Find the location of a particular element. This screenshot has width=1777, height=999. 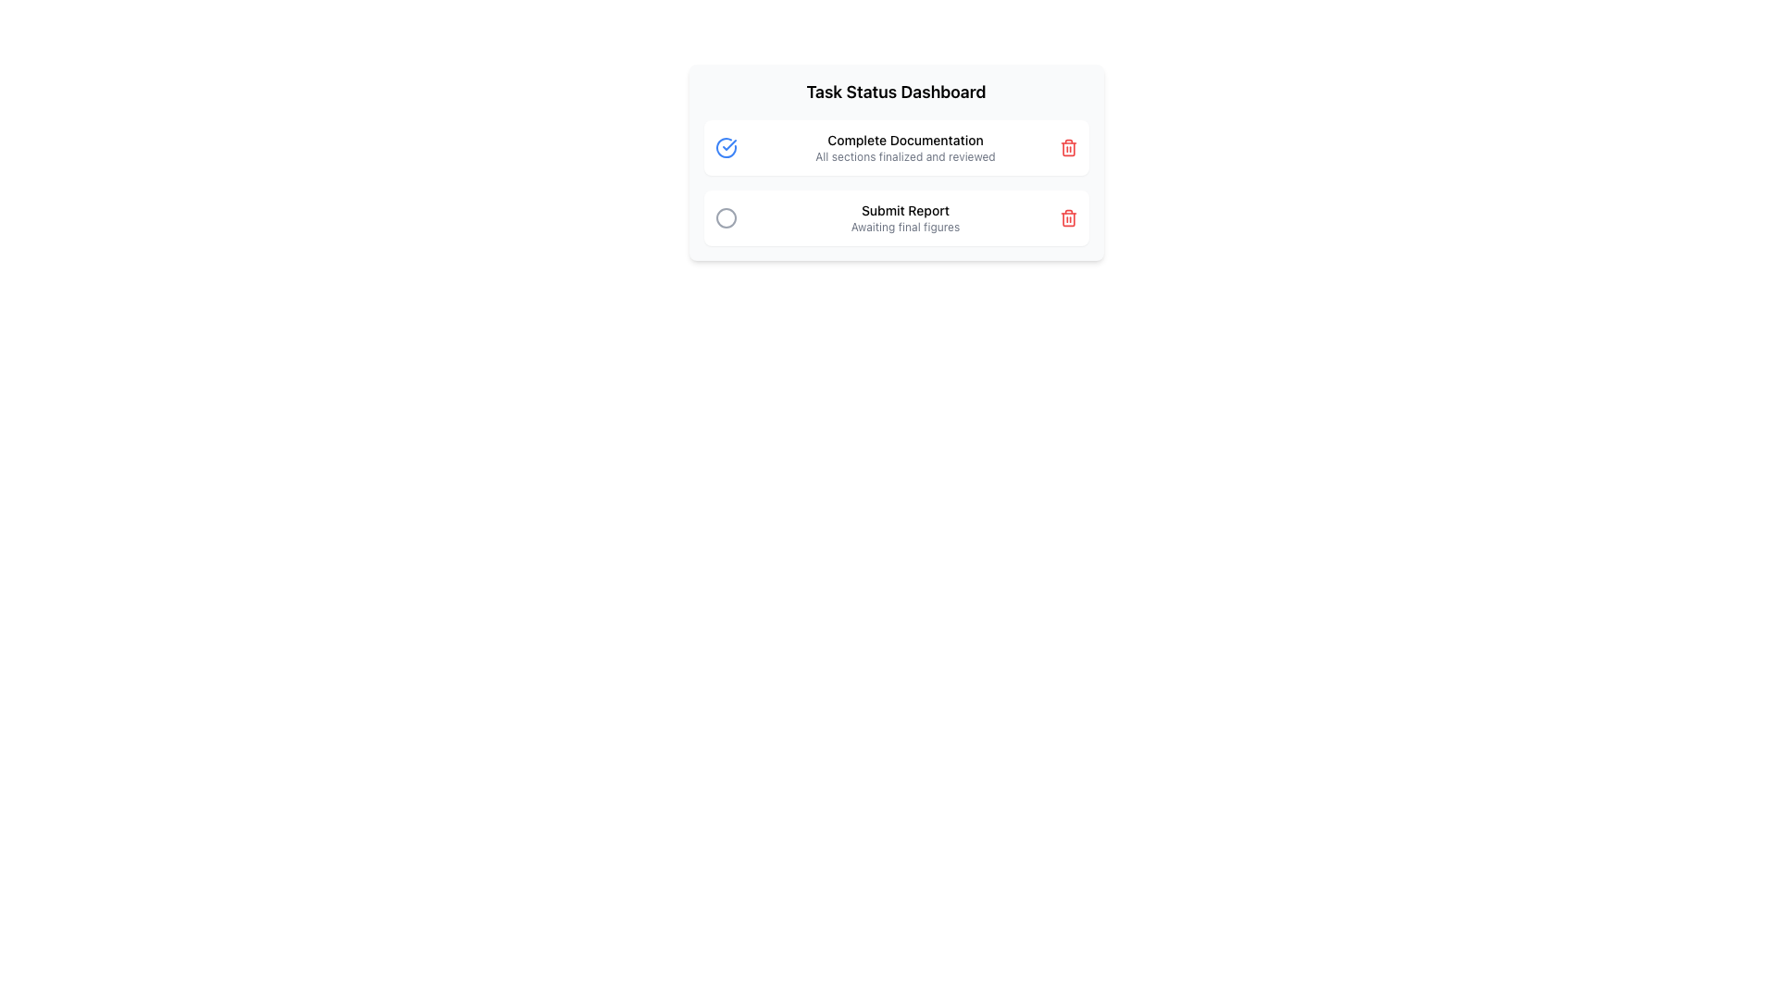

the checkmark icon indicating the completed state for the task 'Complete Documentation' in the Task Status Dashboard is located at coordinates (727, 144).